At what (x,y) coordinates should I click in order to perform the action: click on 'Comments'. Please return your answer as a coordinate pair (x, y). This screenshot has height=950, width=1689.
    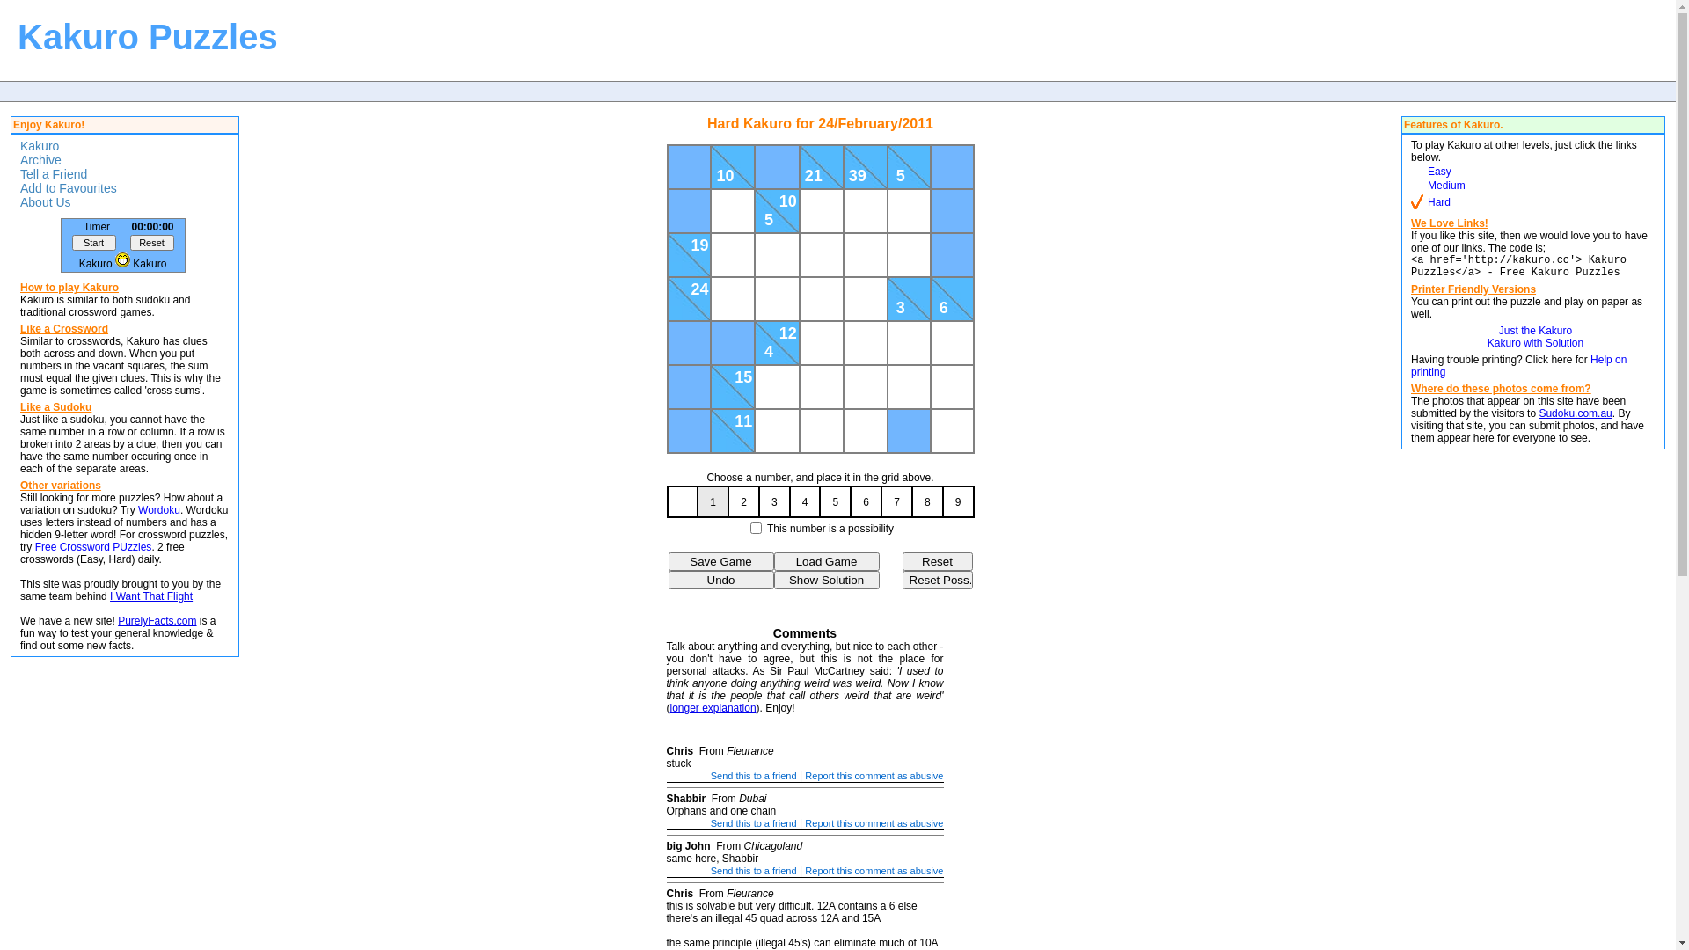
    Looking at the image, I should click on (804, 633).